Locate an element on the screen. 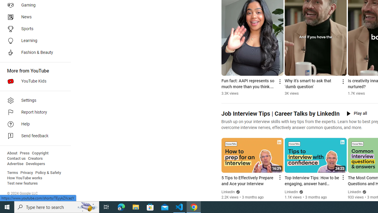 The image size is (378, 213). 'Policy & Safety' is located at coordinates (48, 173).